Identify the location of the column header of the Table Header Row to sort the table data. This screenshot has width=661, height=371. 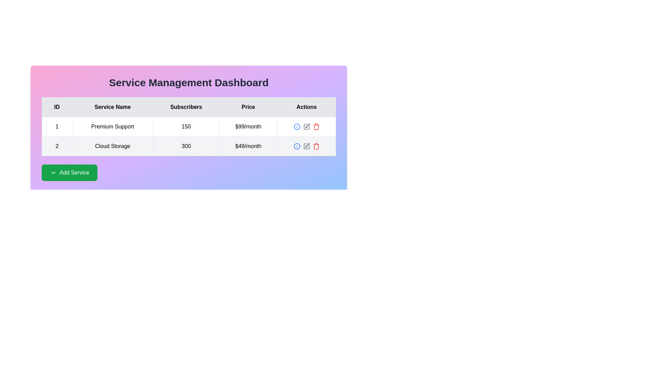
(189, 107).